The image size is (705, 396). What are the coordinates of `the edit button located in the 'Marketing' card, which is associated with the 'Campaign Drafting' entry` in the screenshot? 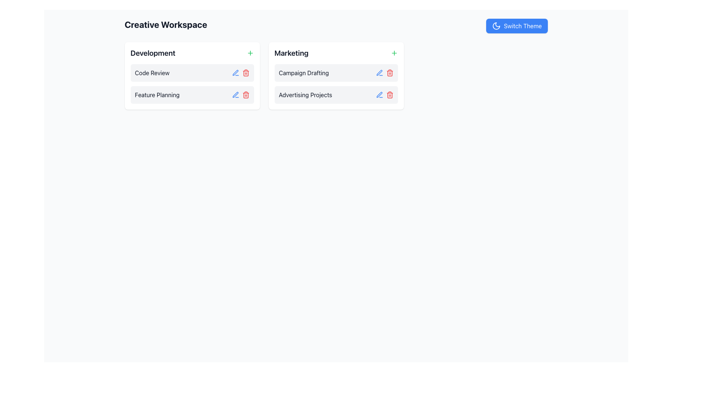 It's located at (379, 73).